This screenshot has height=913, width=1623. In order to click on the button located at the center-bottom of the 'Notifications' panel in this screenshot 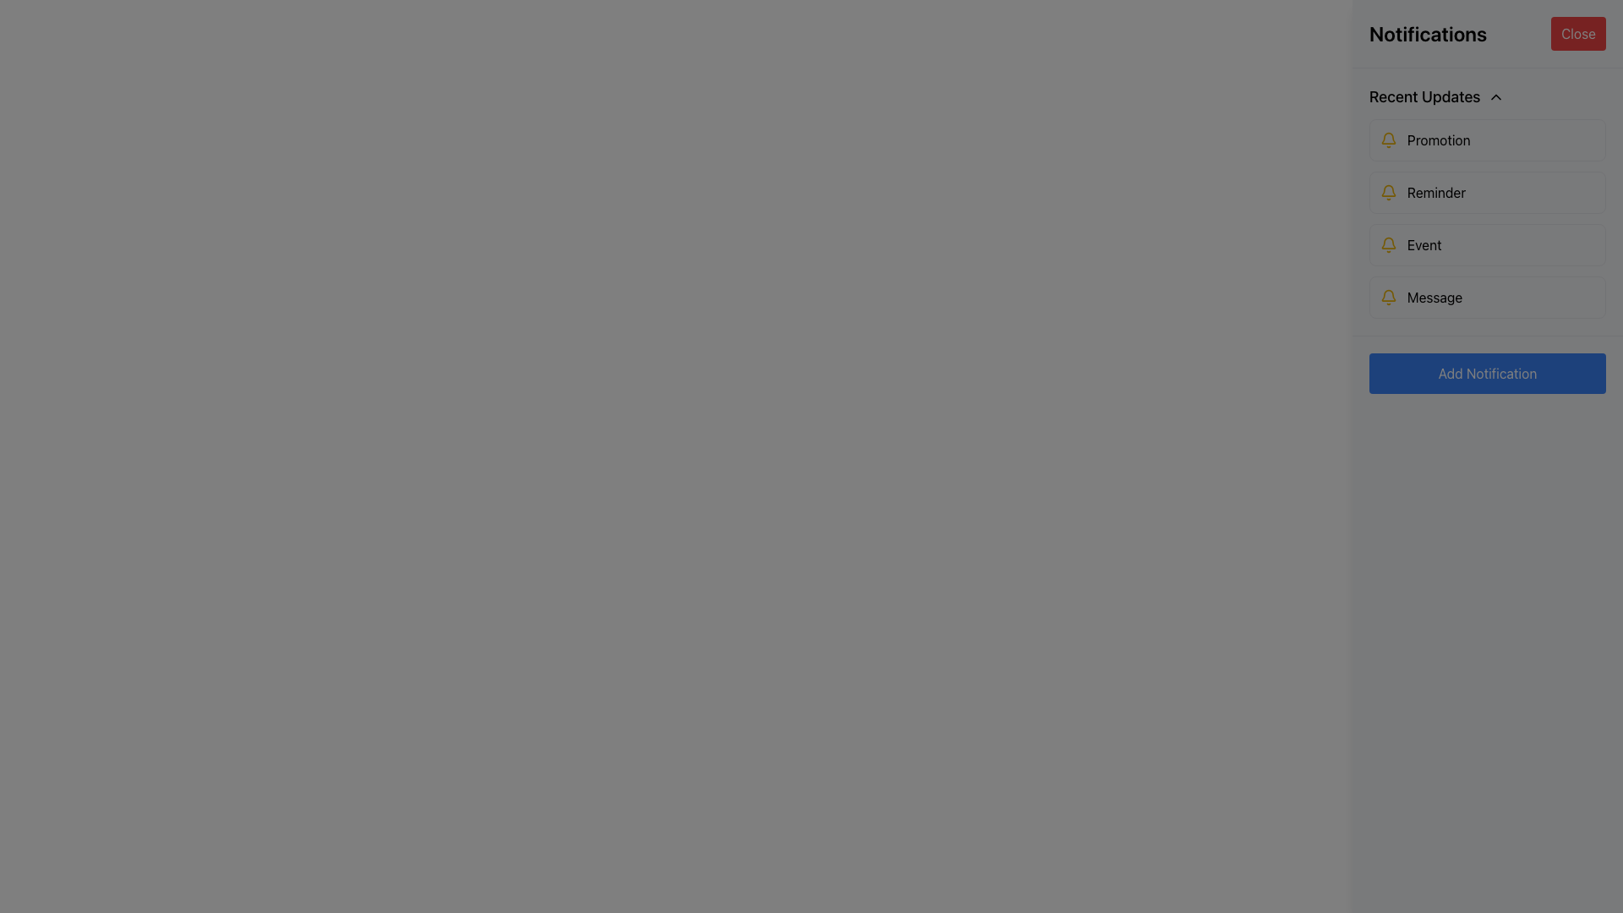, I will do `click(1488, 373)`.